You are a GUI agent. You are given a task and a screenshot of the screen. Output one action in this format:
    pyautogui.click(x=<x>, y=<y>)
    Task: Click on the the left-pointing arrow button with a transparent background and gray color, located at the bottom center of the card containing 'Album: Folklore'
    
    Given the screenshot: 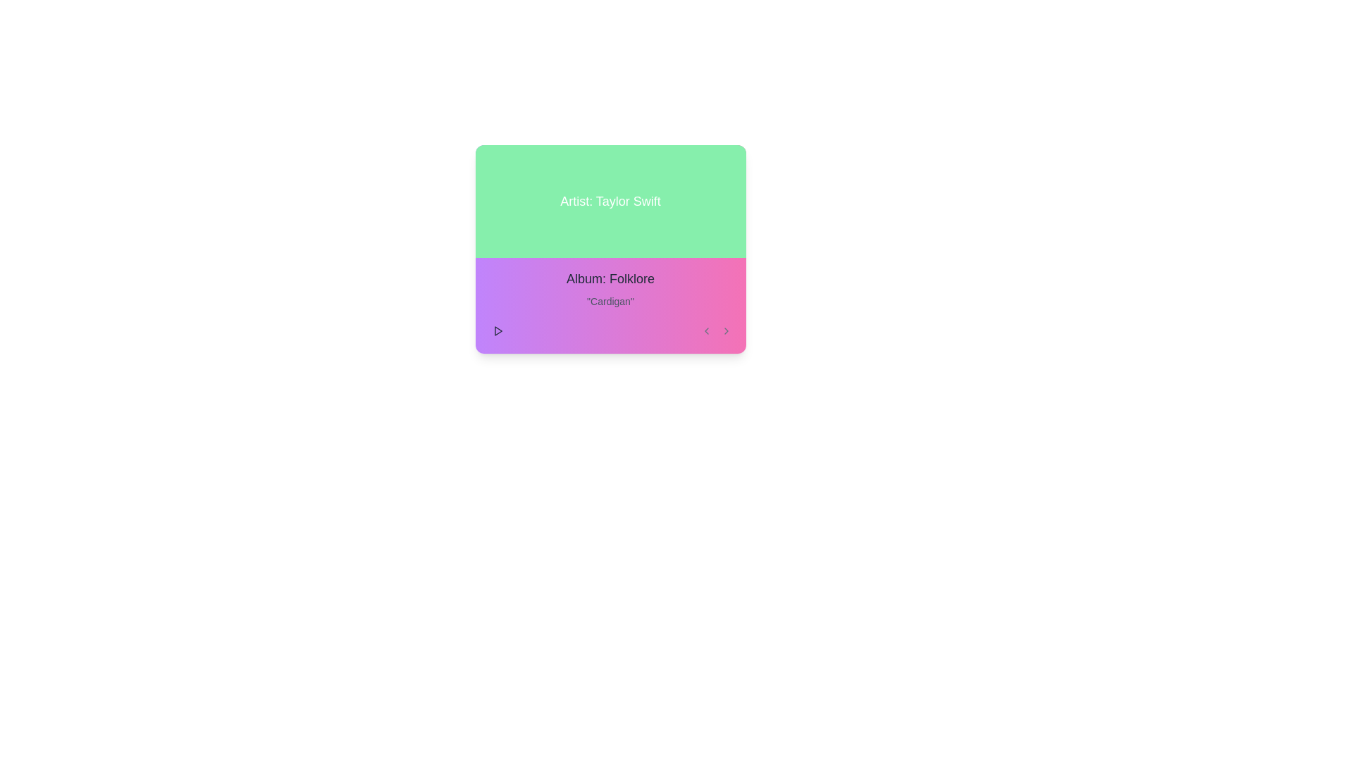 What is the action you would take?
    pyautogui.click(x=706, y=331)
    